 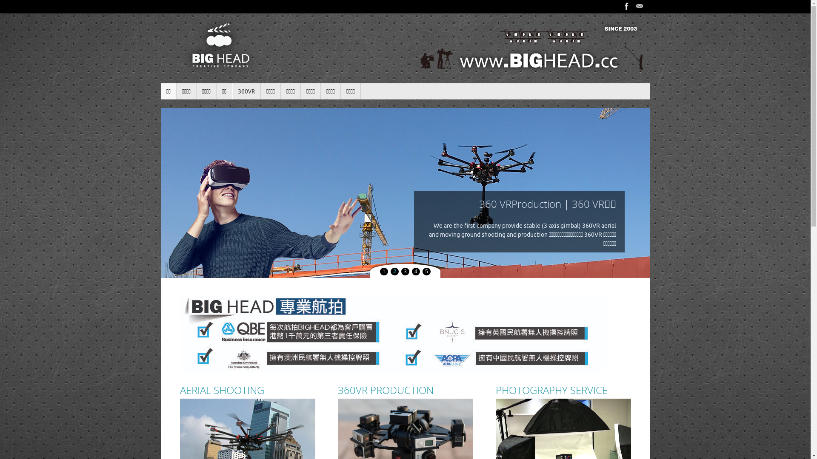 What do you see at coordinates (405, 272) in the screenshot?
I see `'3'` at bounding box center [405, 272].